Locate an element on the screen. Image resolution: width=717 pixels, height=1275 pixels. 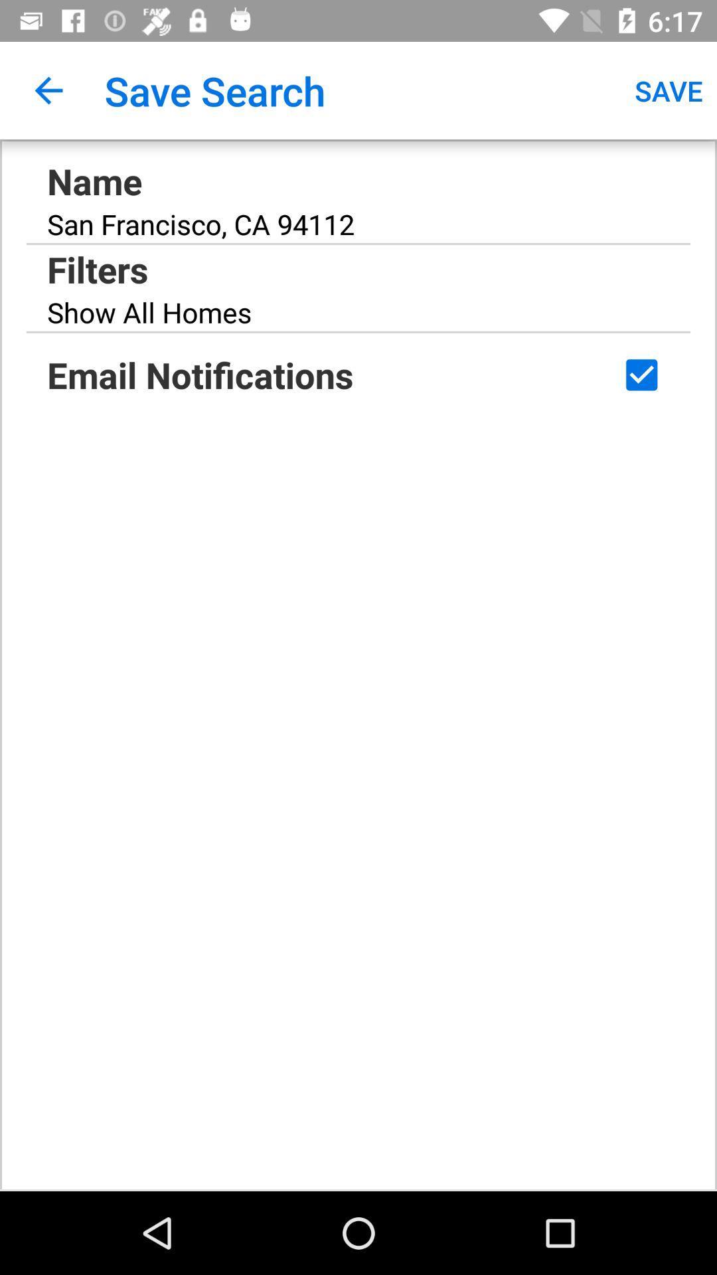
the app is located at coordinates (641, 374).